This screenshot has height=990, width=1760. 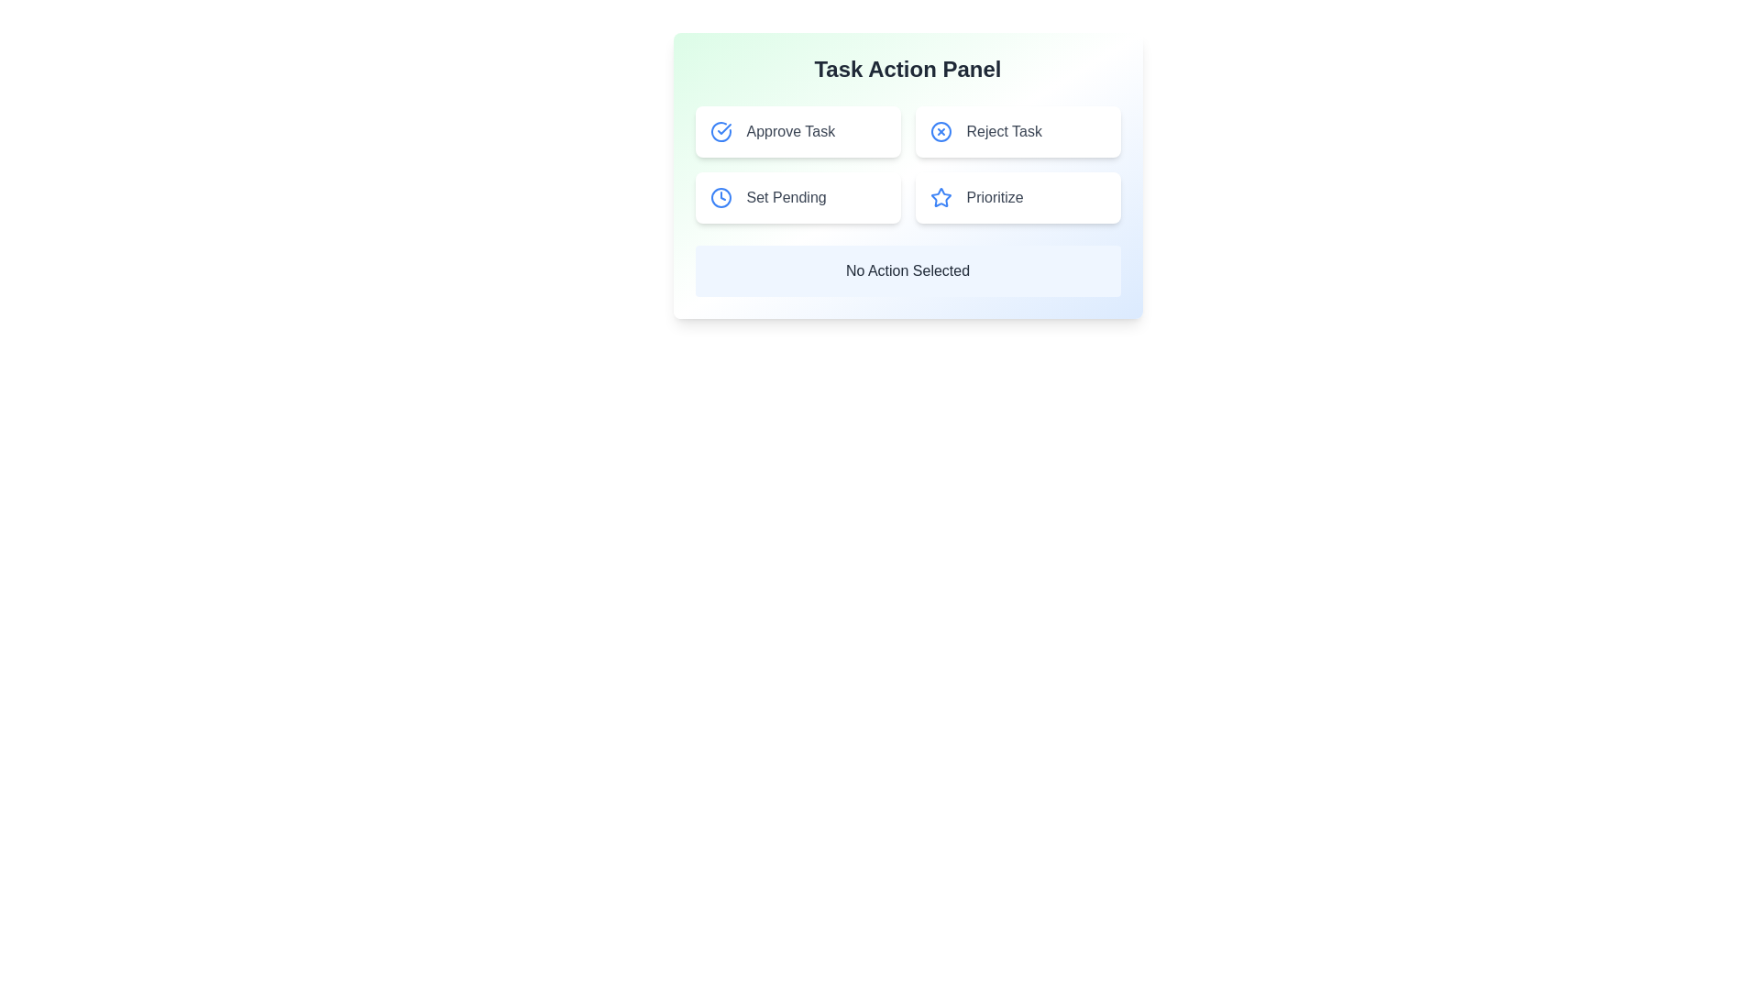 What do you see at coordinates (1017, 198) in the screenshot?
I see `the 'Prioritize' button located at the bottom-right of the button grid` at bounding box center [1017, 198].